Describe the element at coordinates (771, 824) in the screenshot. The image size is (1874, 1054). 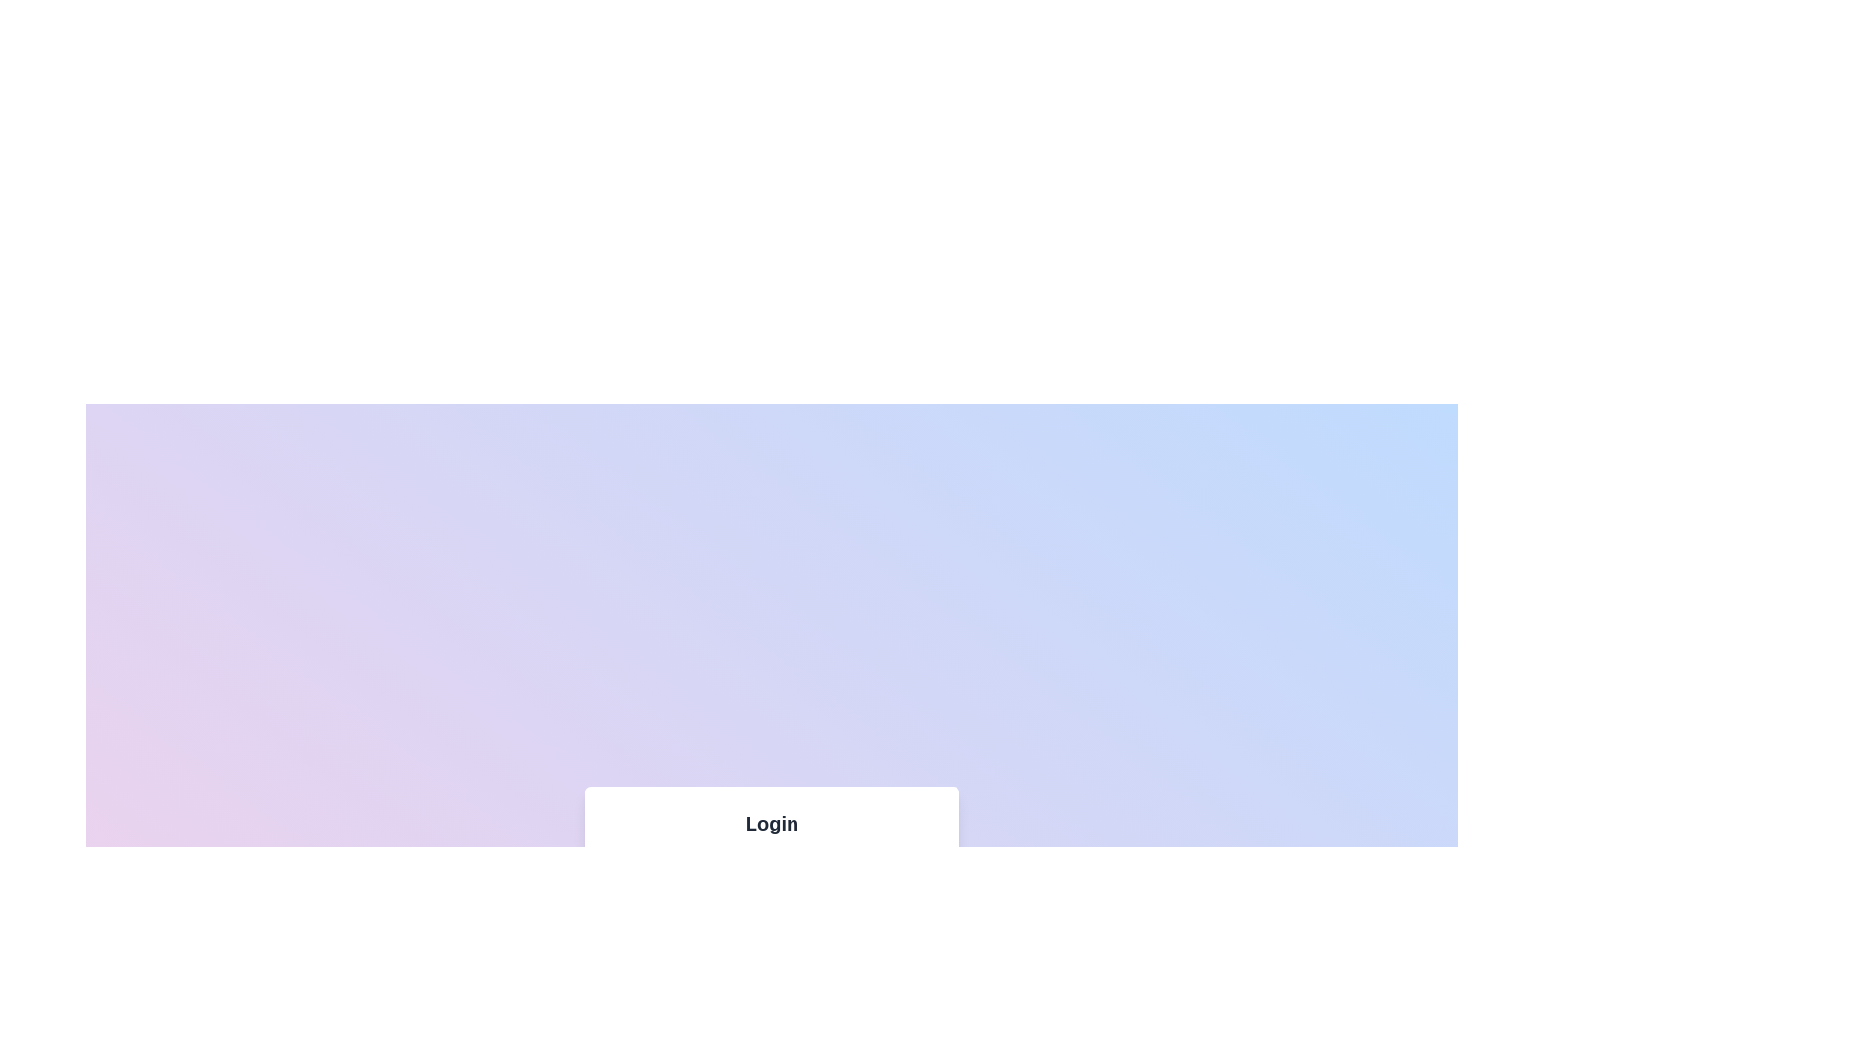
I see `the heading text that serves as the title for the login form, positioned at the top center of the white rectangular box` at that location.